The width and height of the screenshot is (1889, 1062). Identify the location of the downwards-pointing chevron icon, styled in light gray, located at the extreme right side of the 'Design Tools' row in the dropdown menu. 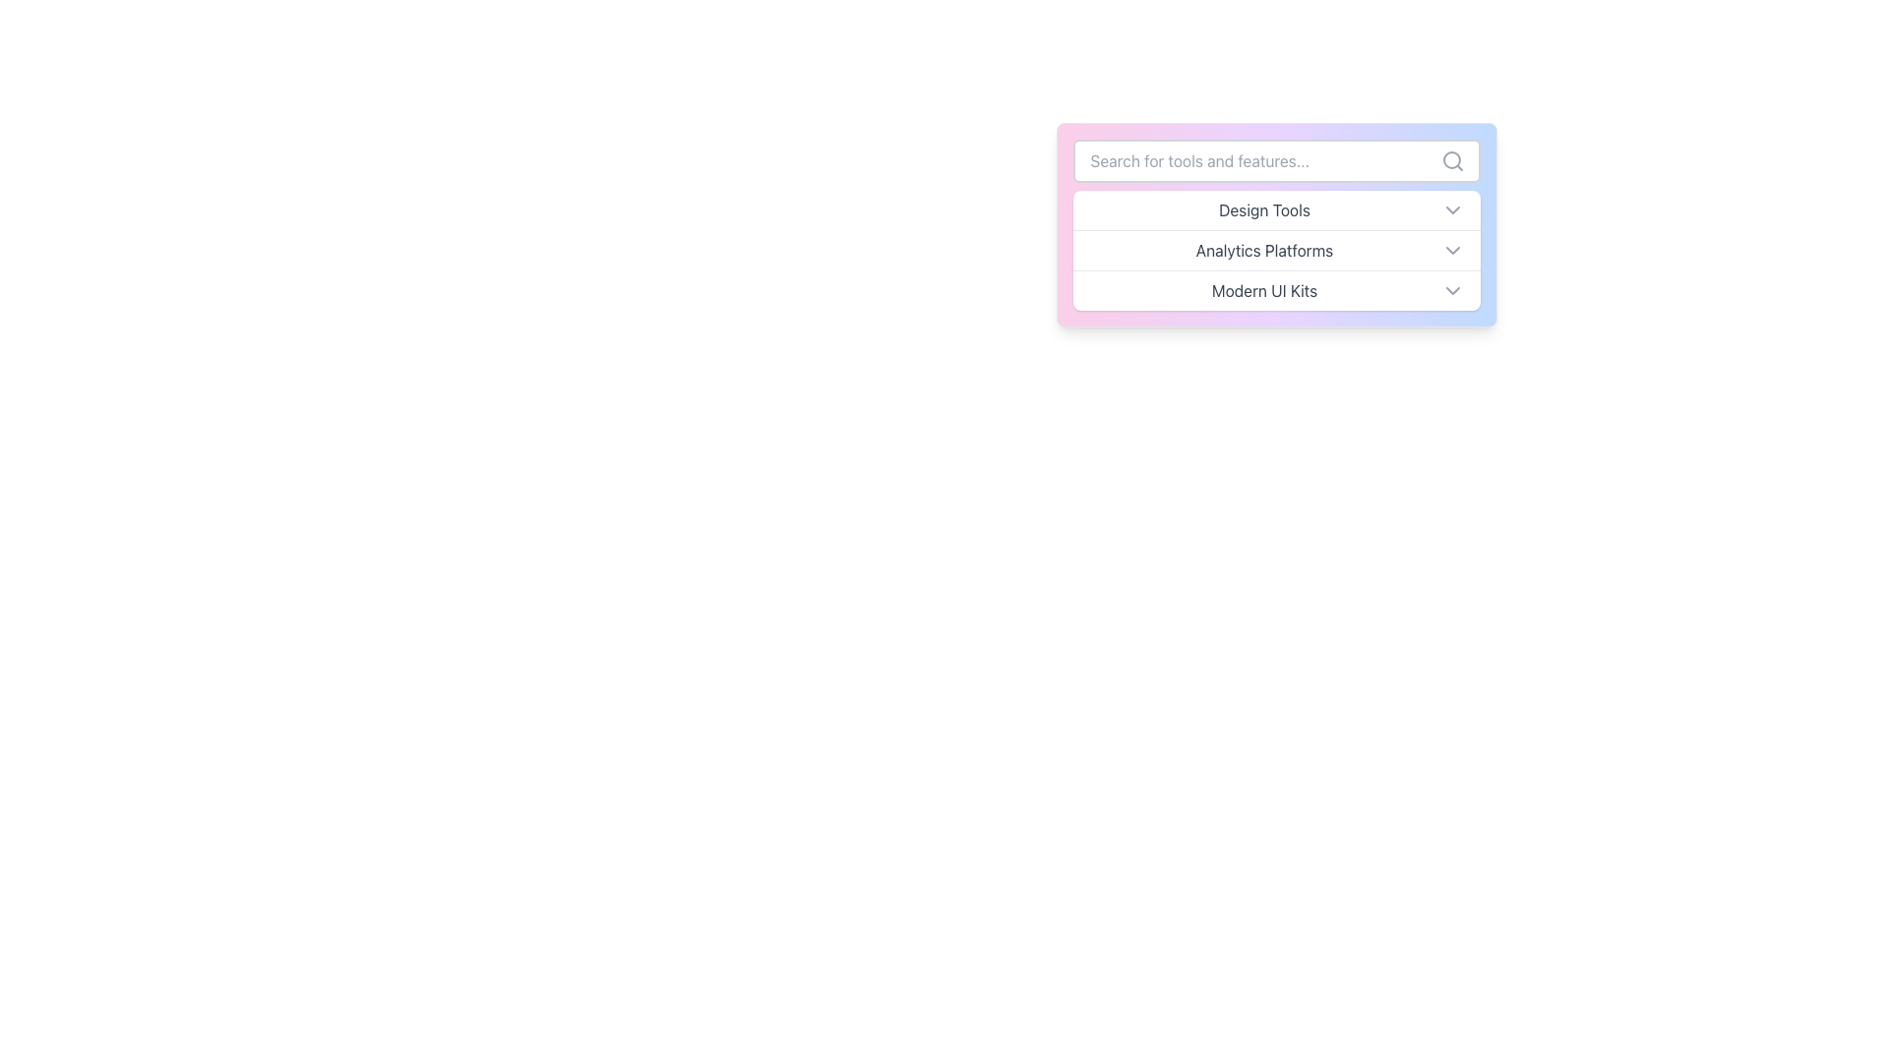
(1452, 209).